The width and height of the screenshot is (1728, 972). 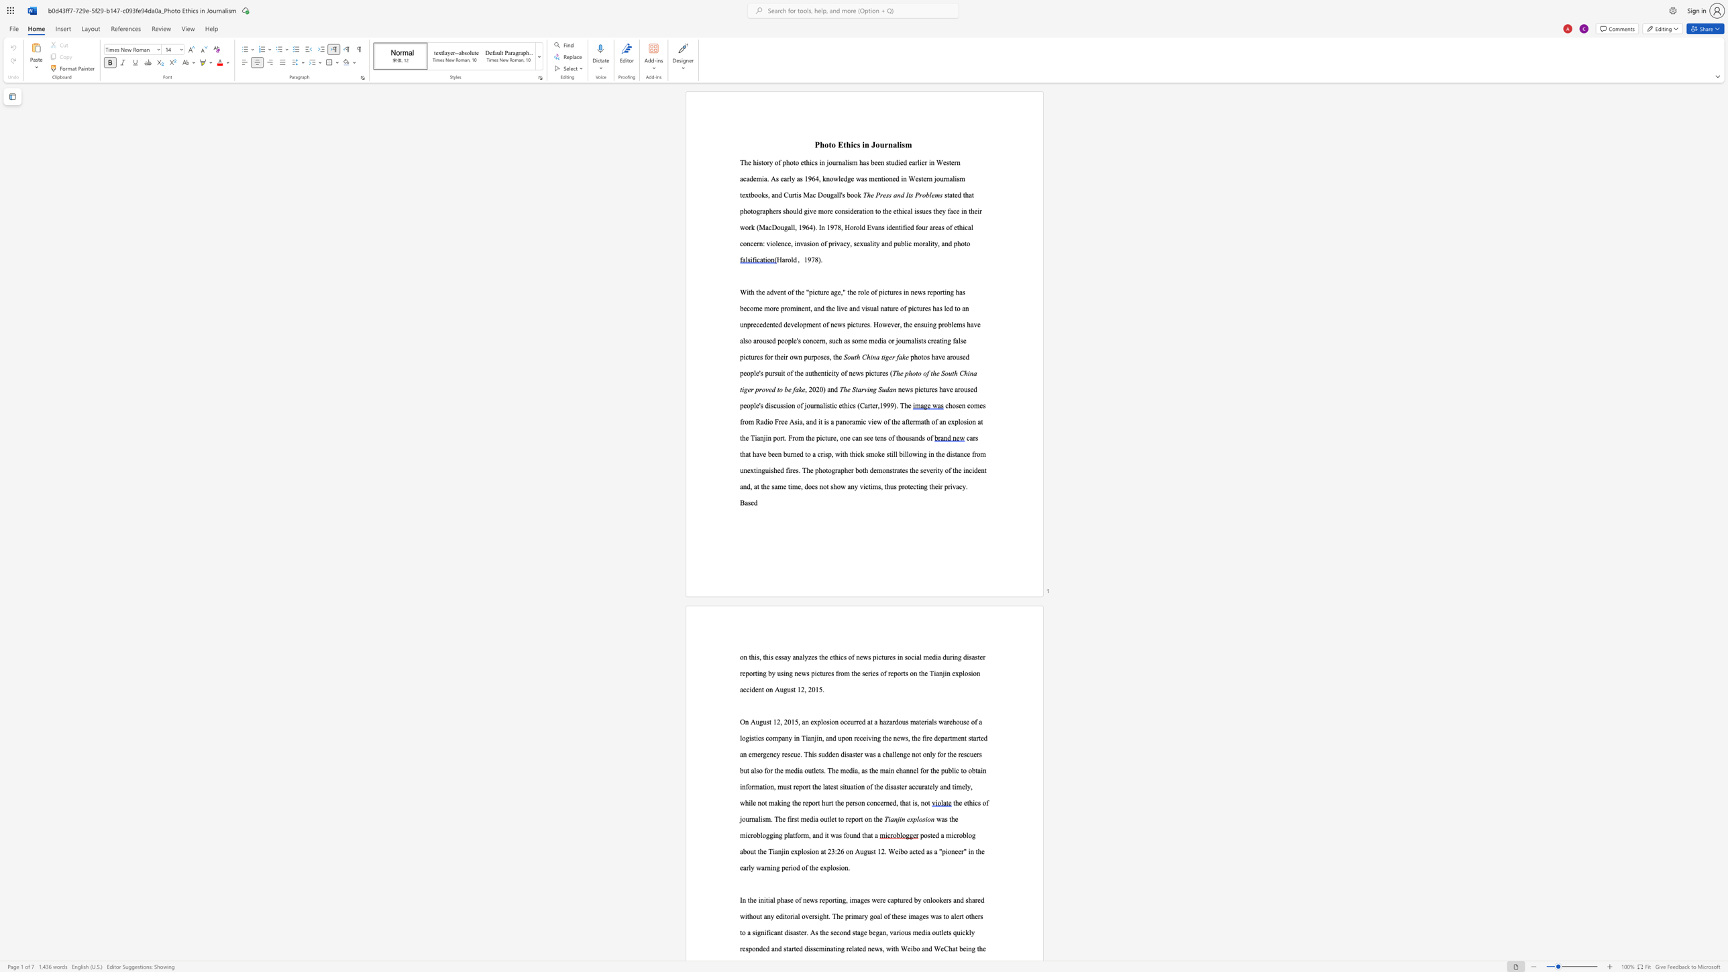 What do you see at coordinates (848, 657) in the screenshot?
I see `the subset text "of news pictures in social media during disaster reporting by using news pictures from the series of reports on the Tianjin explos" within the text "analyzes the ethics of news pictures in social media during disaster reporting by using news pictures from the series of reports on the Tianjin explosion accident on August 12, 2015."` at bounding box center [848, 657].